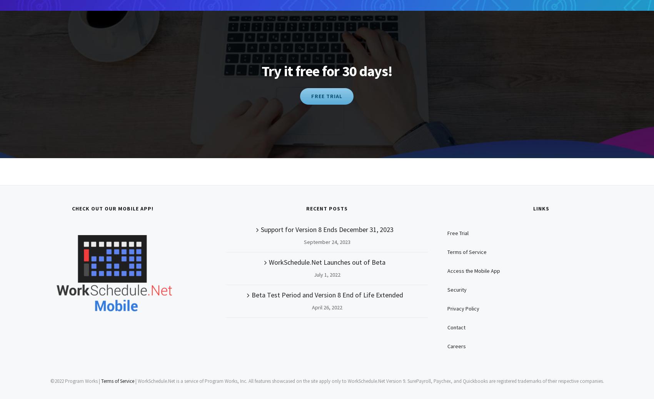 This screenshot has width=654, height=399. What do you see at coordinates (327, 307) in the screenshot?
I see `'April 26, 2022'` at bounding box center [327, 307].